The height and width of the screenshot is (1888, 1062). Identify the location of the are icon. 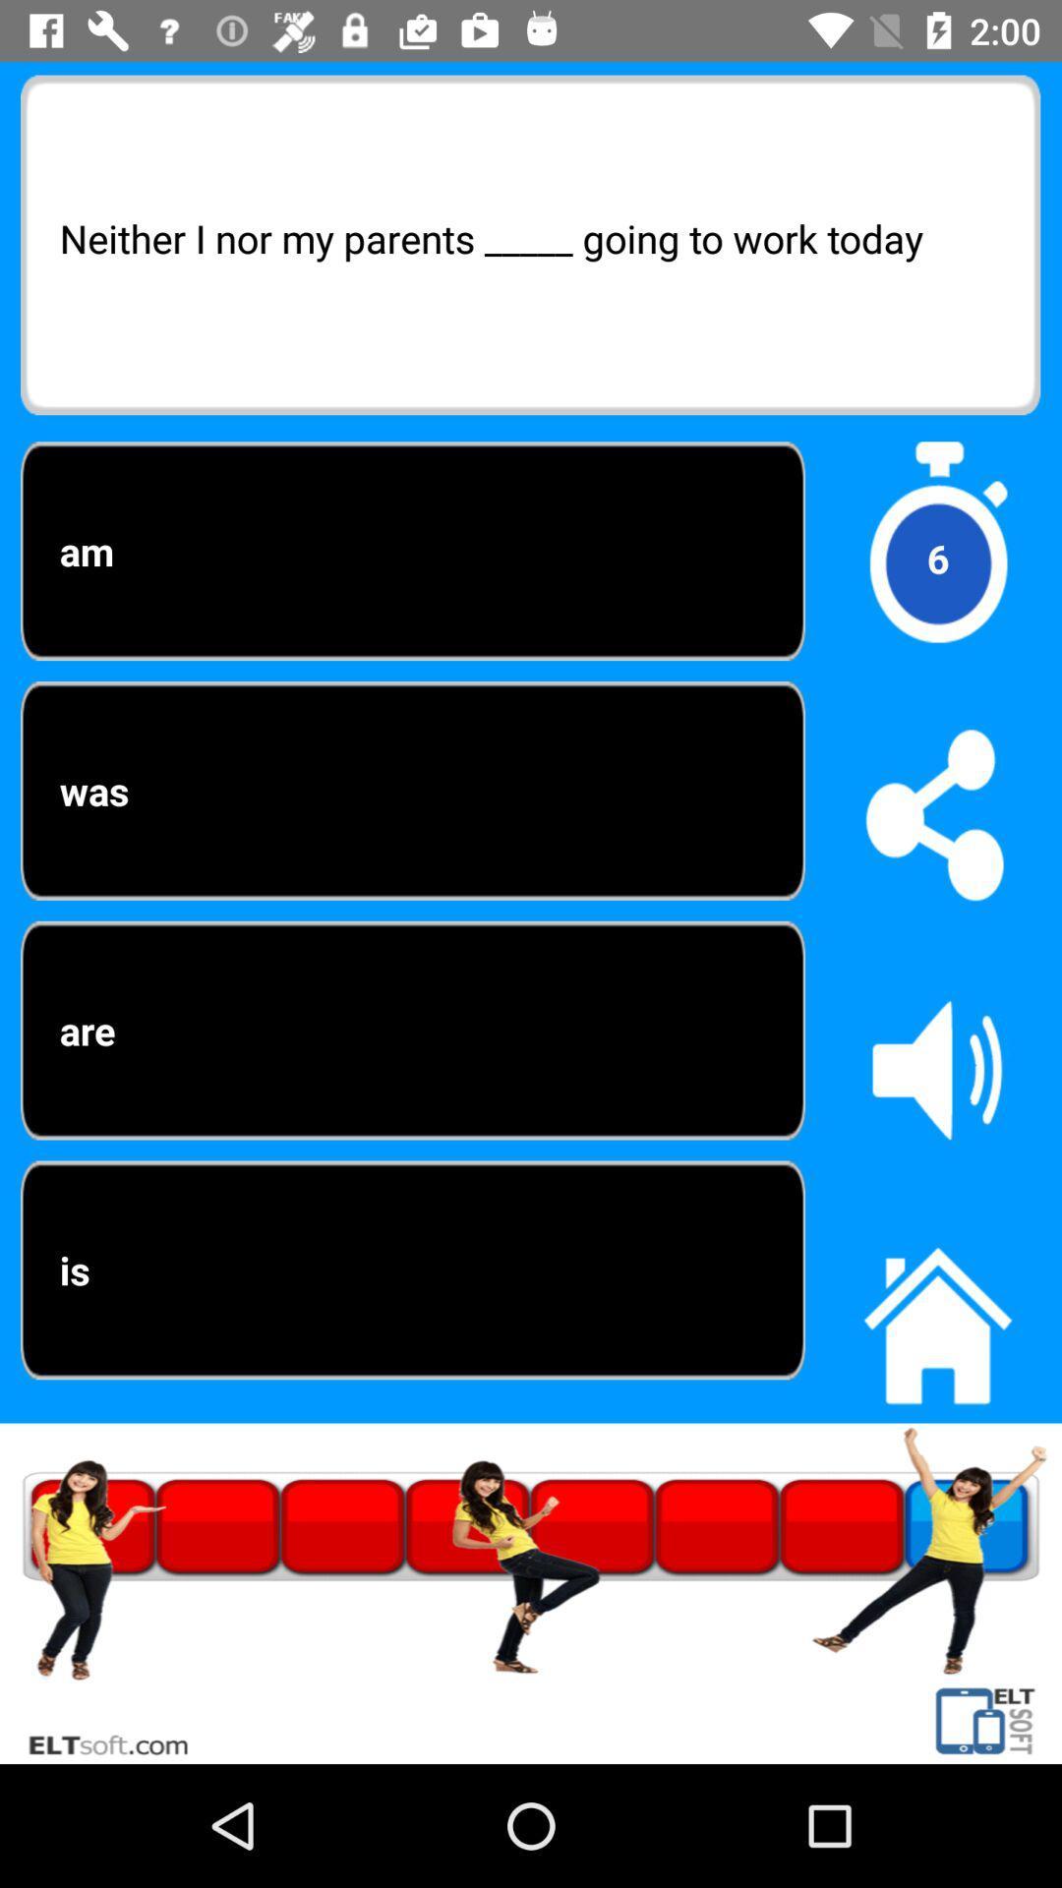
(412, 1030).